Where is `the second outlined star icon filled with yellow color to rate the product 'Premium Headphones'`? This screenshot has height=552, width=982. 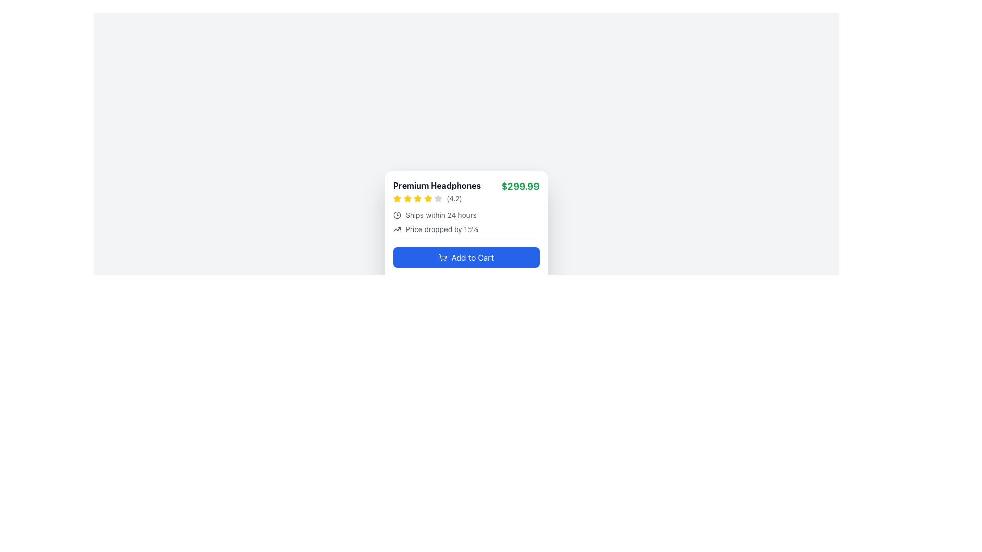 the second outlined star icon filled with yellow color to rate the product 'Premium Headphones' is located at coordinates (428, 198).